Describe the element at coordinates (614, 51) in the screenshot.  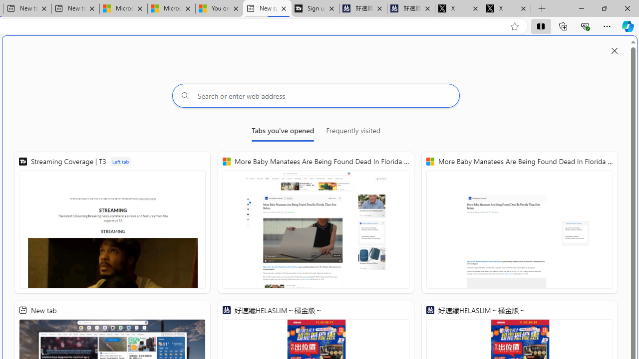
I see `'Close split screen'` at that location.